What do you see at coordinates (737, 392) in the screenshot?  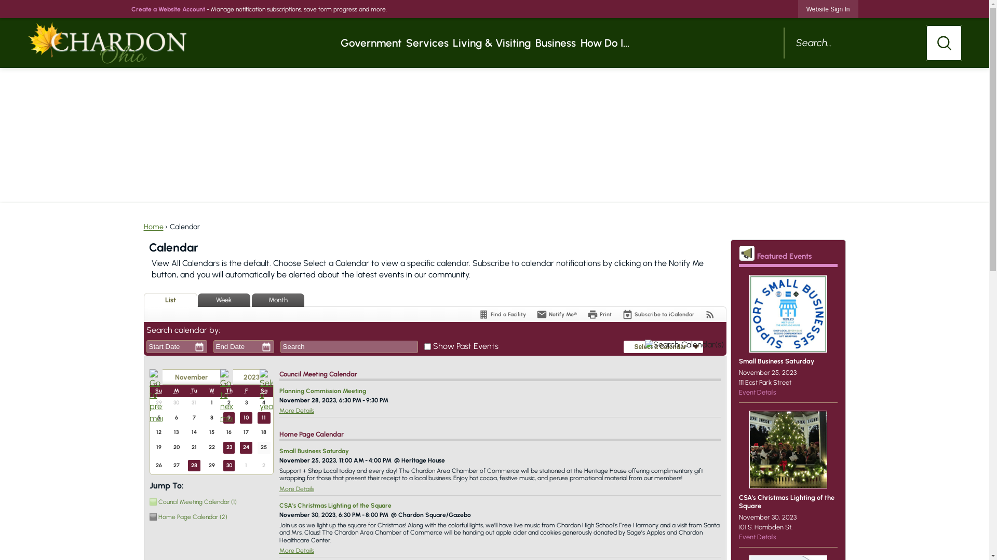 I see `'Event Details'` at bounding box center [737, 392].